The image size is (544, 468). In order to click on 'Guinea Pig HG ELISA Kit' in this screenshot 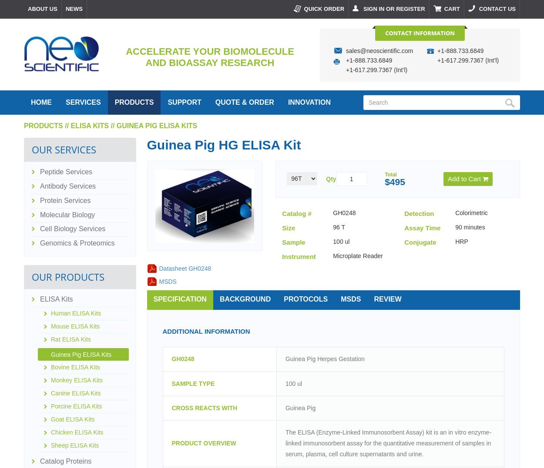, I will do `click(224, 144)`.